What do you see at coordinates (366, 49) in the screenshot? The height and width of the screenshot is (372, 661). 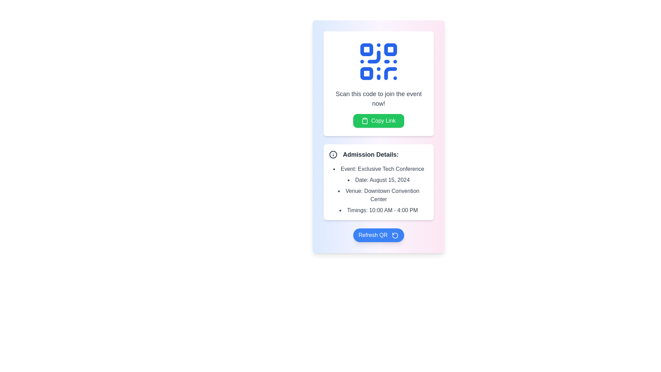 I see `the upper-left cell of the QR code grid, which is a stylized blue square at the top section of the vertically structured interface` at bounding box center [366, 49].